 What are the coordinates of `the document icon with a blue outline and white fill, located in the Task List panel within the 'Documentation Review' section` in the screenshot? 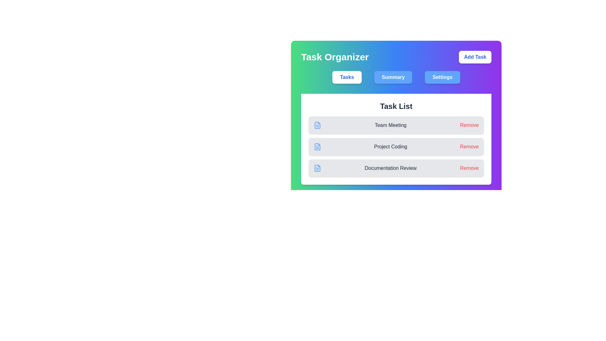 It's located at (318, 168).